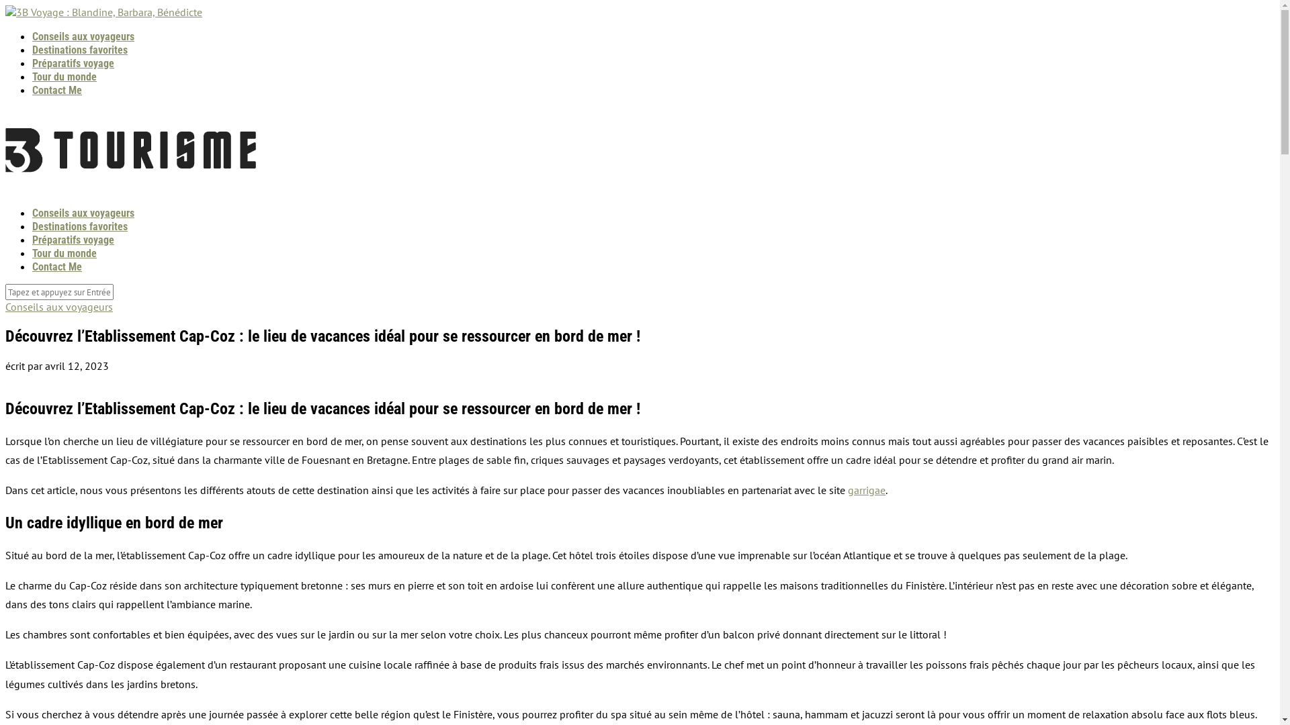  Describe the element at coordinates (847, 489) in the screenshot. I see `'garrigae'` at that location.